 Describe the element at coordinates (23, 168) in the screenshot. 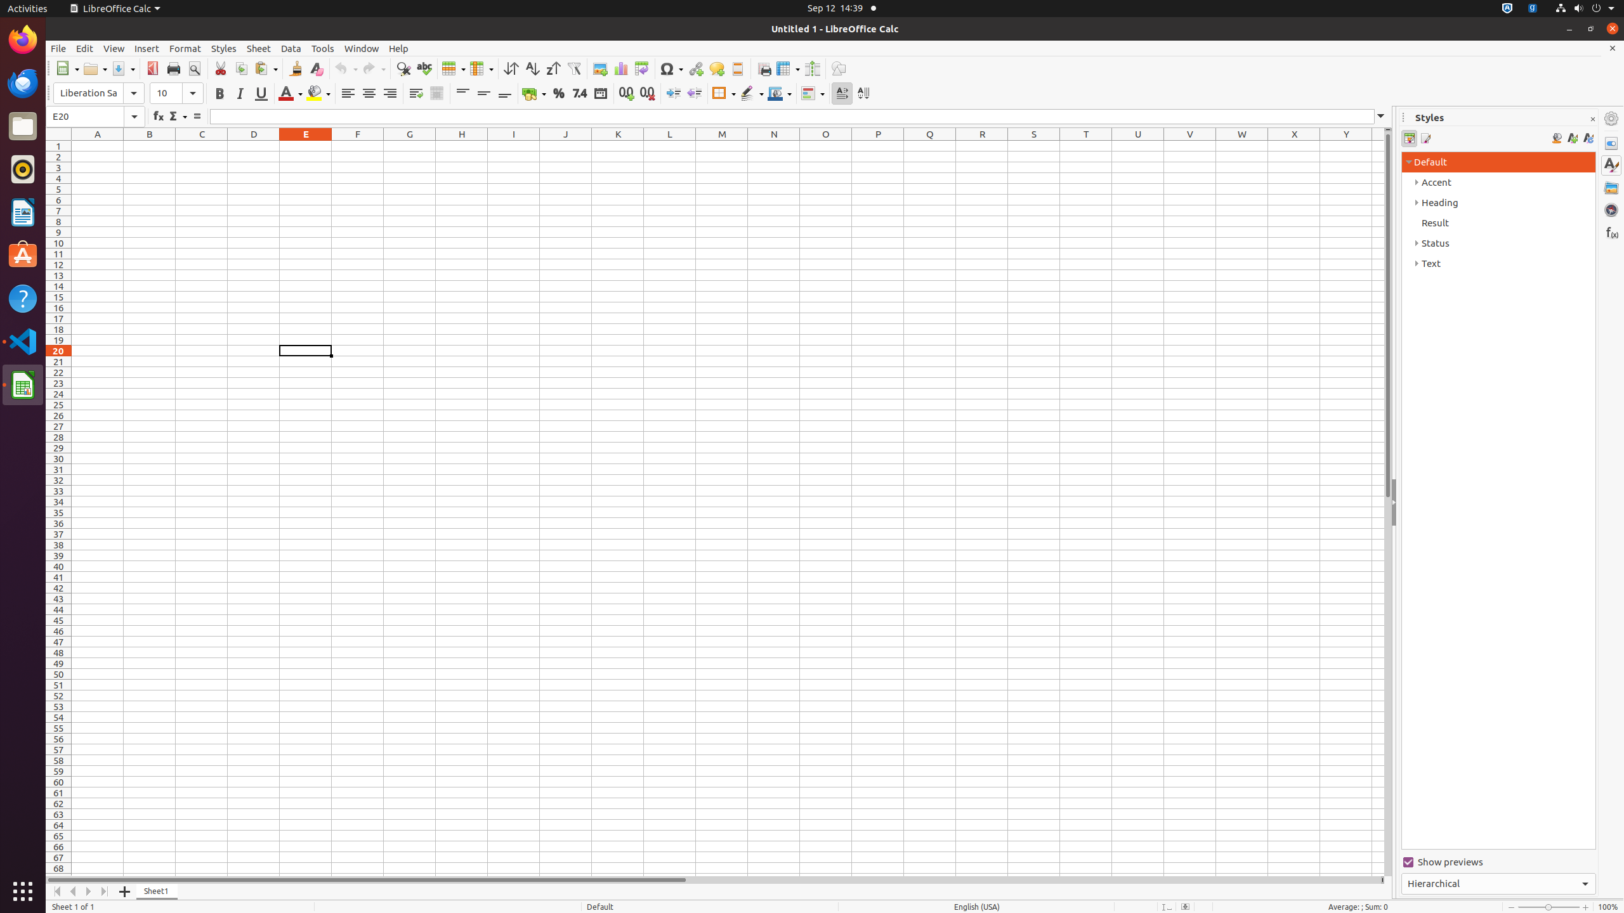

I see `'Rhythmbox'` at that location.